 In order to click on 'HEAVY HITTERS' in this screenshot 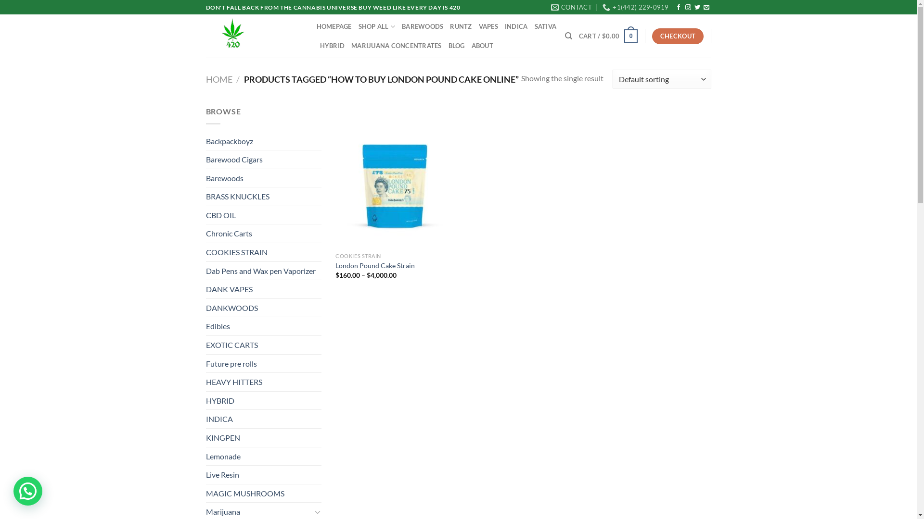, I will do `click(263, 381)`.